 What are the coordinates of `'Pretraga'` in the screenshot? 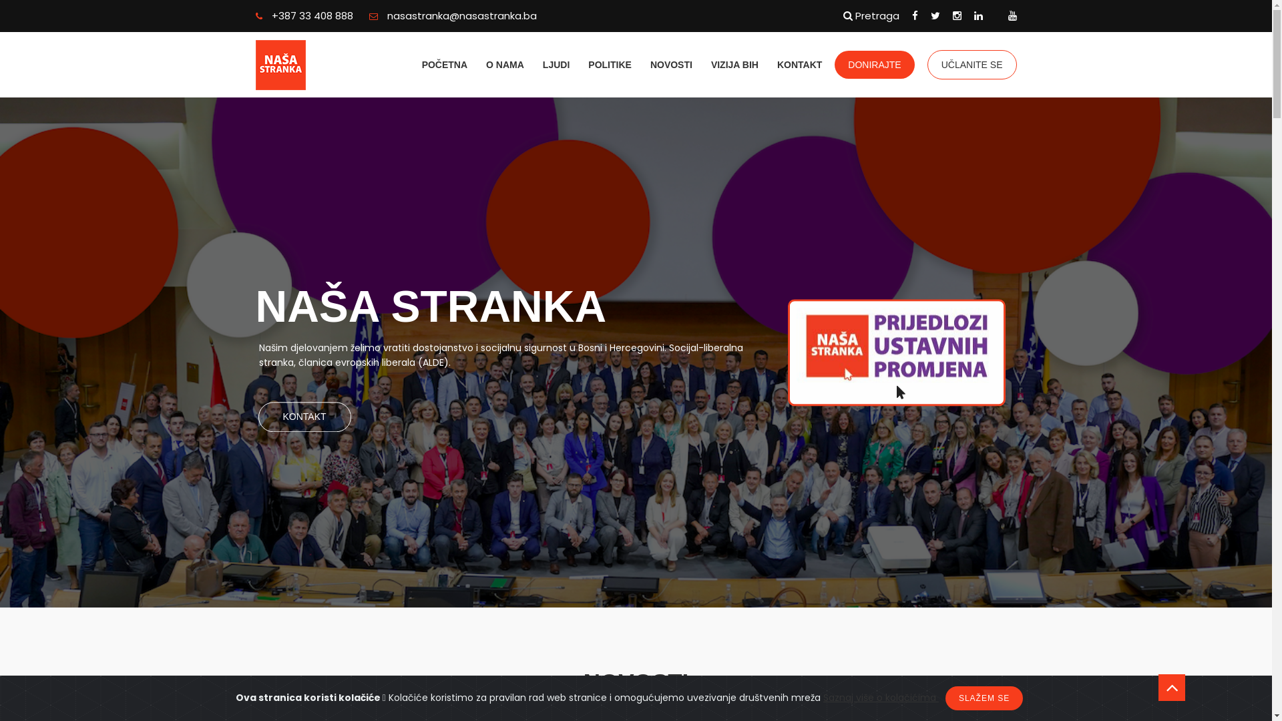 It's located at (871, 15).